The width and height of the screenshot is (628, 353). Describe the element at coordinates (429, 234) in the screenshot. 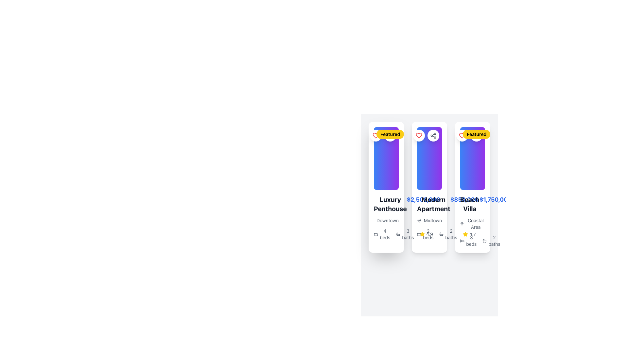

I see `displayed information from the Composite information display located at the bottom of the 'Modern Apartment' card, which includes details about the number of beds, baths, and property rating` at that location.